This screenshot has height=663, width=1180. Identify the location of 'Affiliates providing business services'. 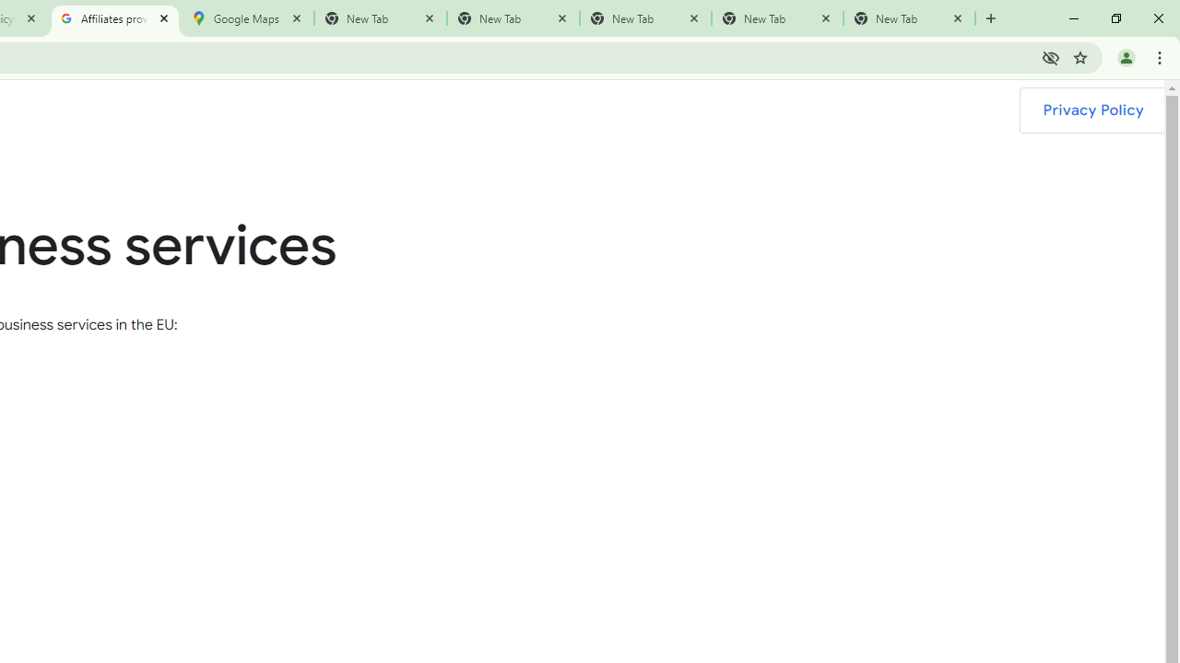
(113, 18).